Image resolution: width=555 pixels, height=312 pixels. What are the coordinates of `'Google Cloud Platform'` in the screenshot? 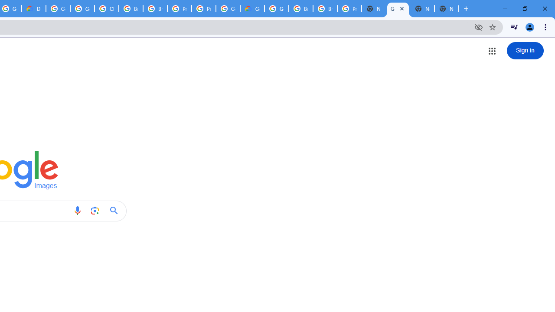 It's located at (276, 9).